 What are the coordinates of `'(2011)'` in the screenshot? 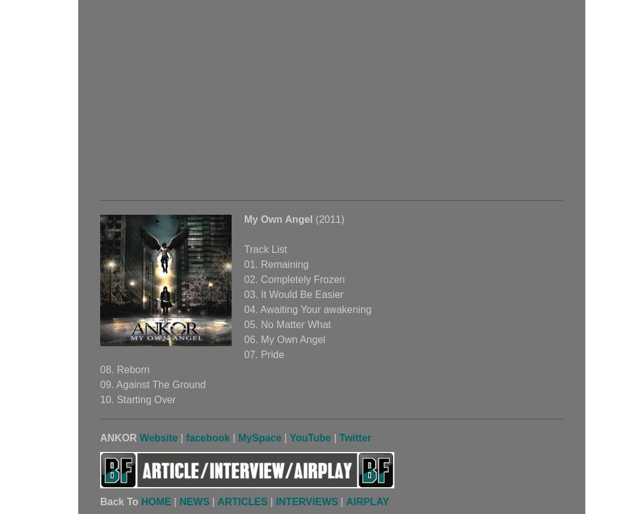 It's located at (312, 219).